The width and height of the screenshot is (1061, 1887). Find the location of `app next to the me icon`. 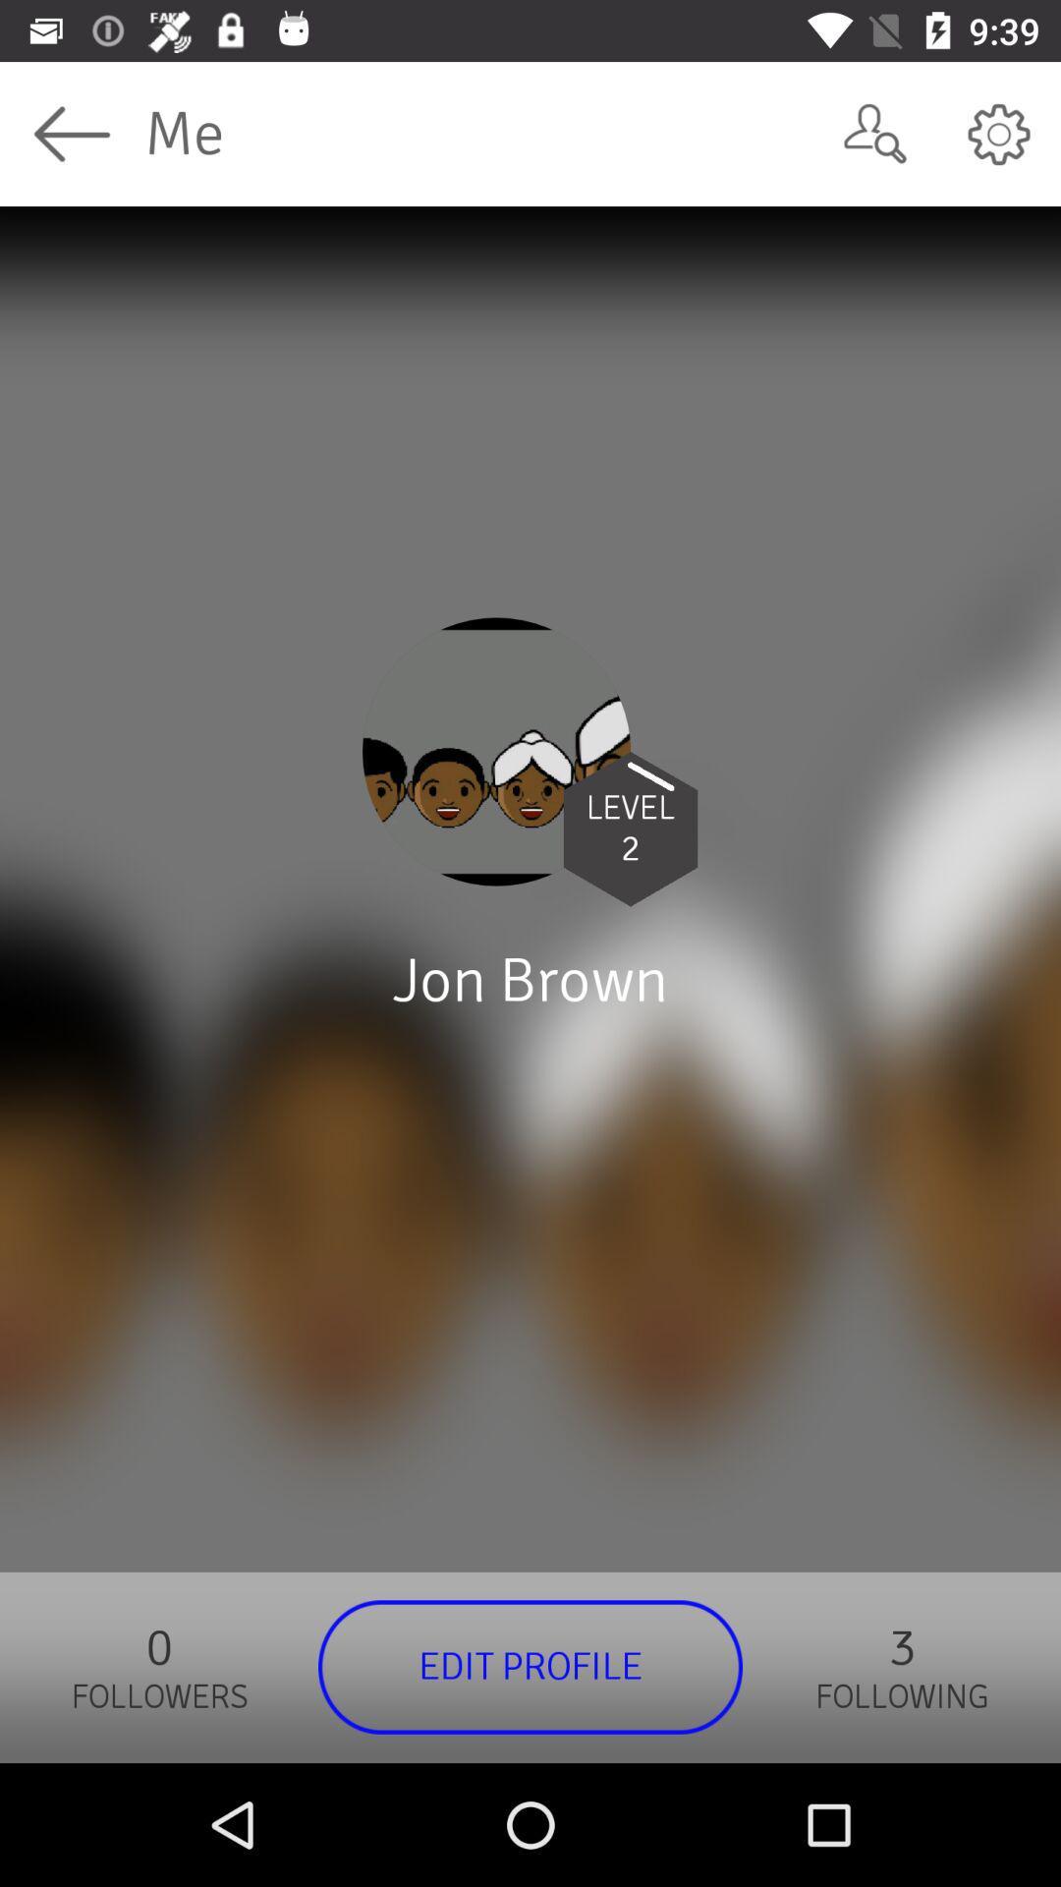

app next to the me icon is located at coordinates (874, 133).